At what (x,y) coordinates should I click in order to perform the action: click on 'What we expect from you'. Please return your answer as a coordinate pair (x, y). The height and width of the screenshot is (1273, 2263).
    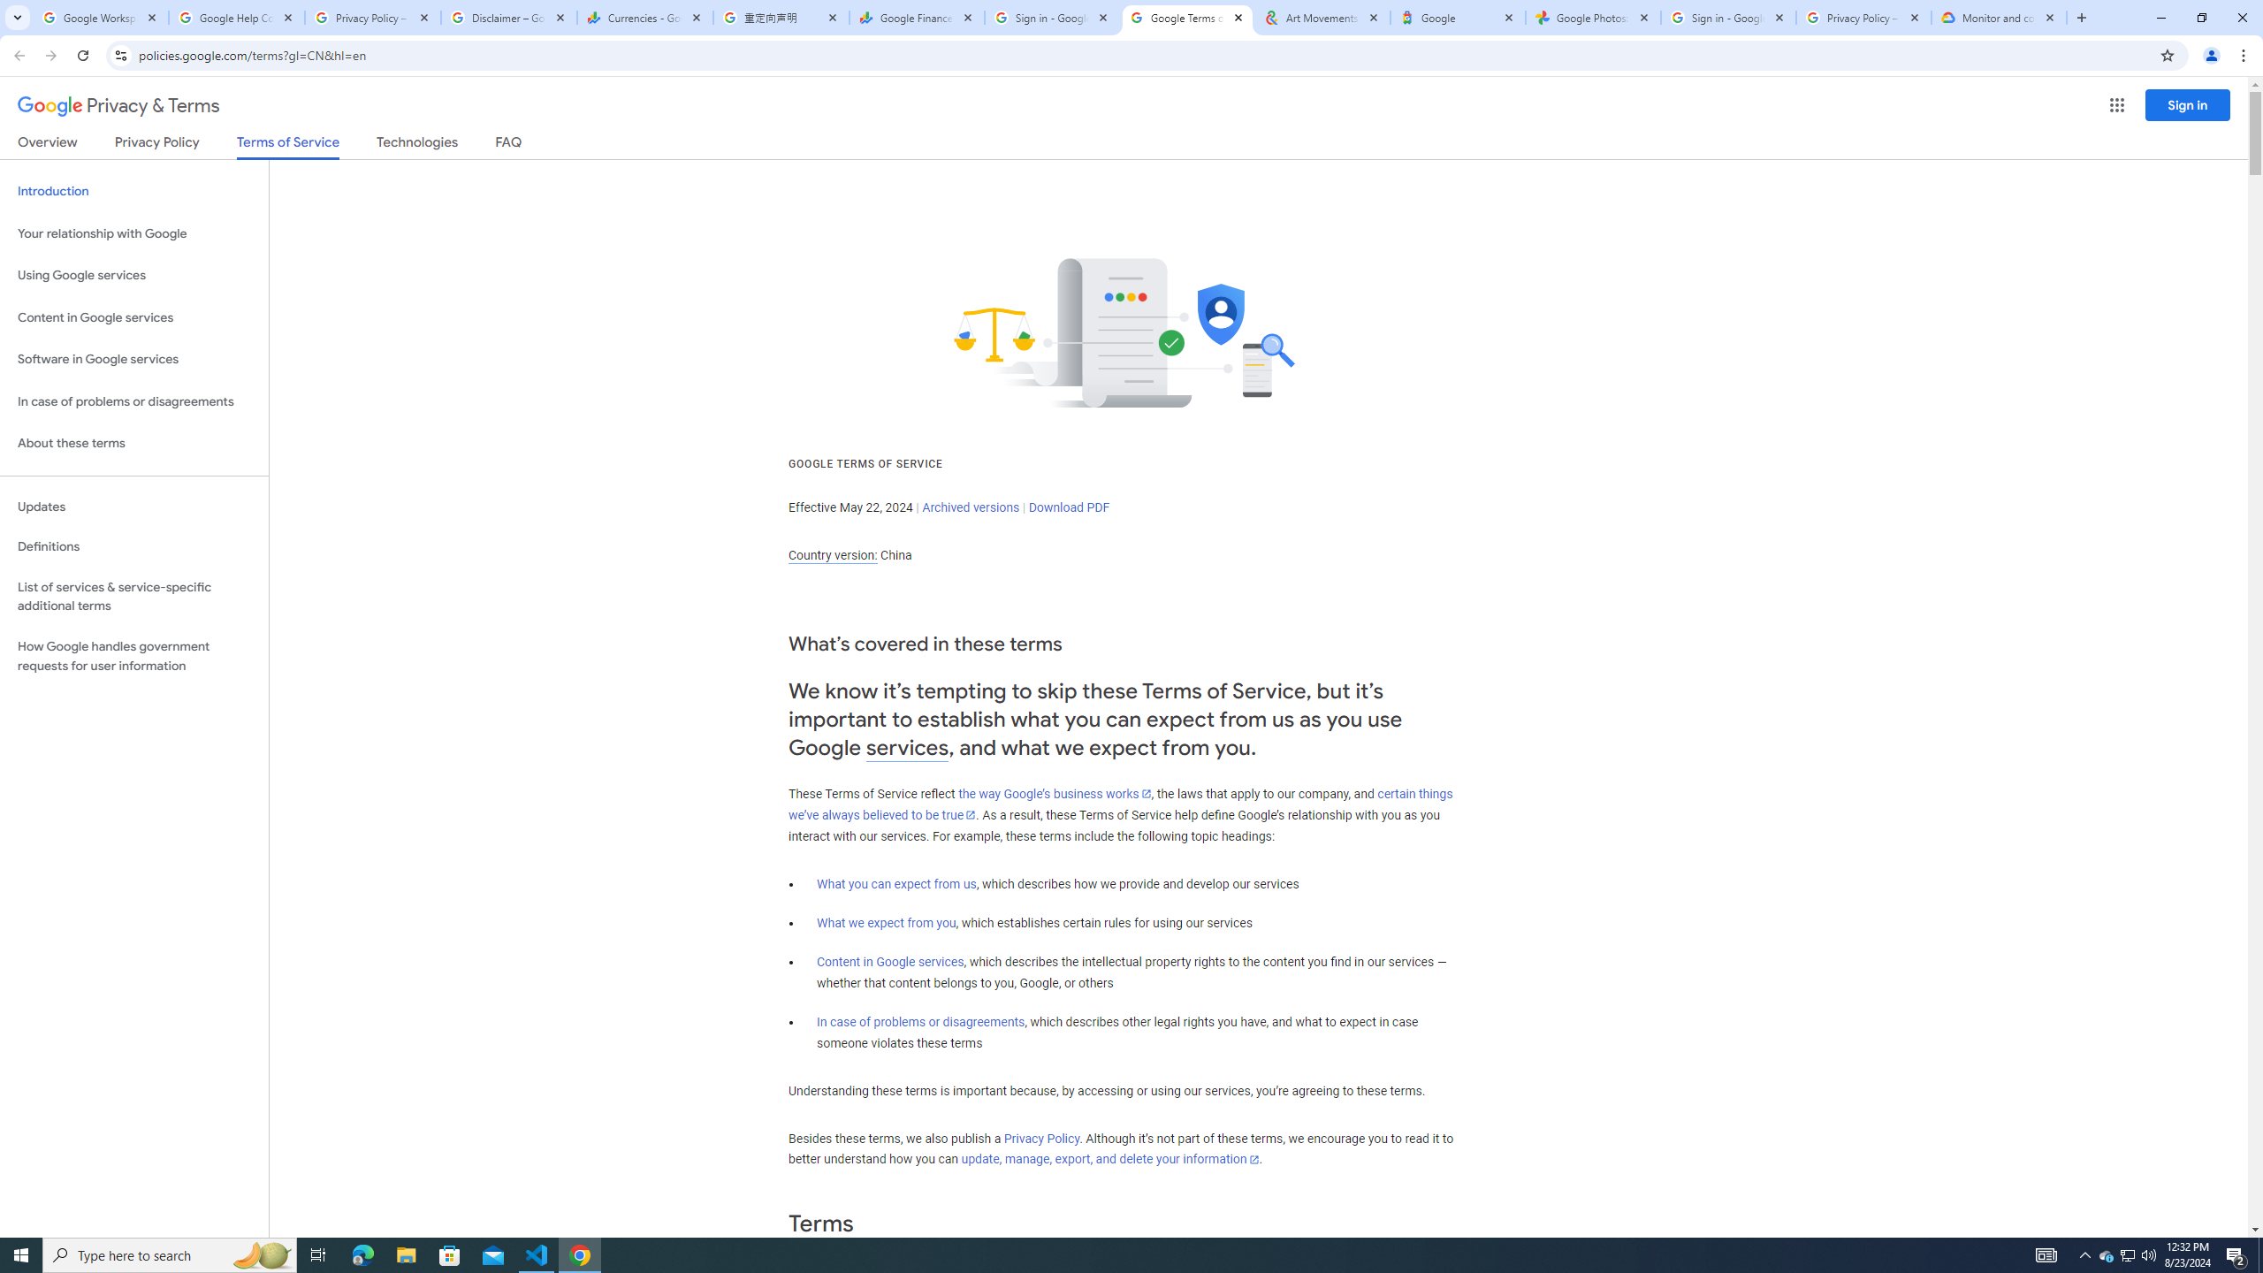
    Looking at the image, I should click on (886, 922).